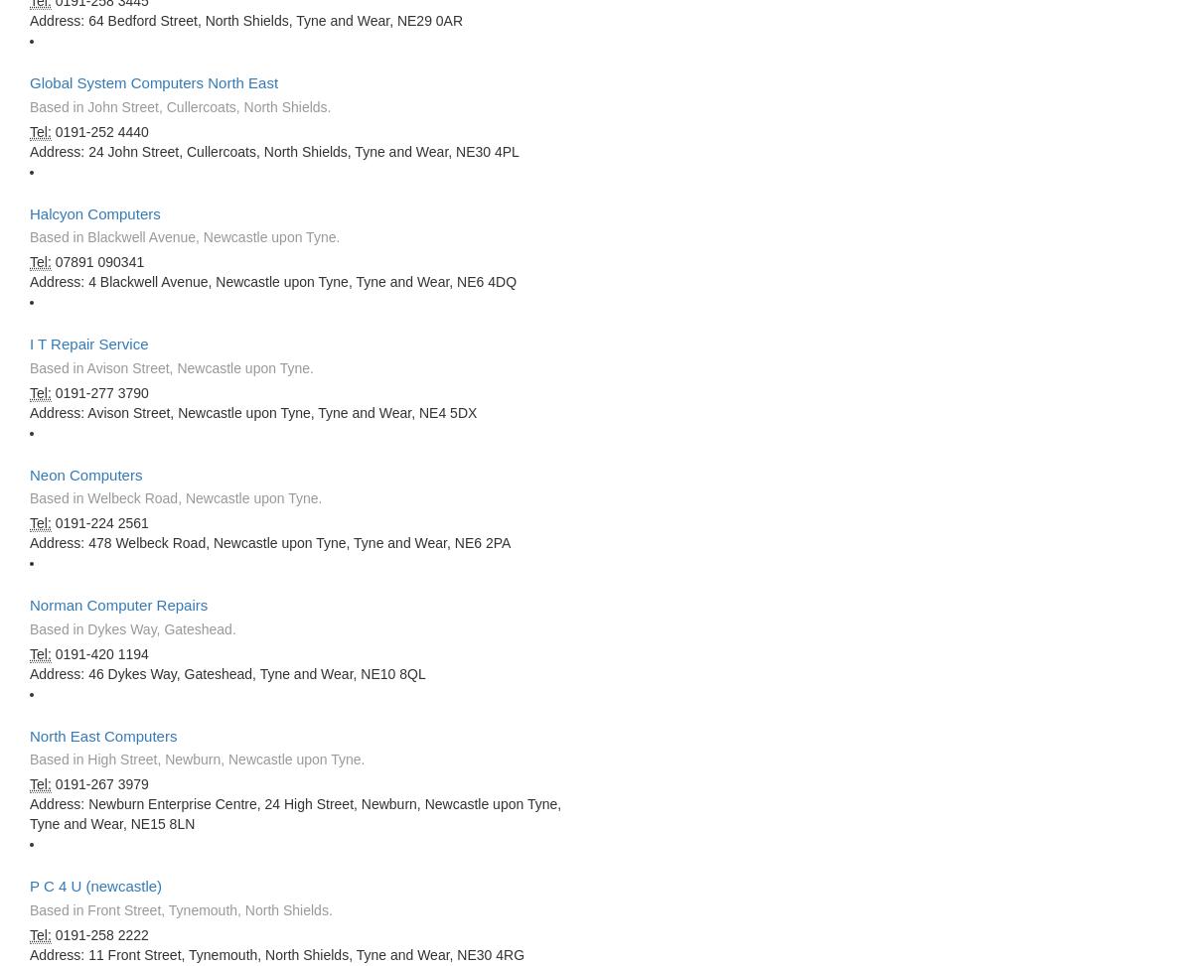  What do you see at coordinates (88, 344) in the screenshot?
I see `'I T Repair Service'` at bounding box center [88, 344].